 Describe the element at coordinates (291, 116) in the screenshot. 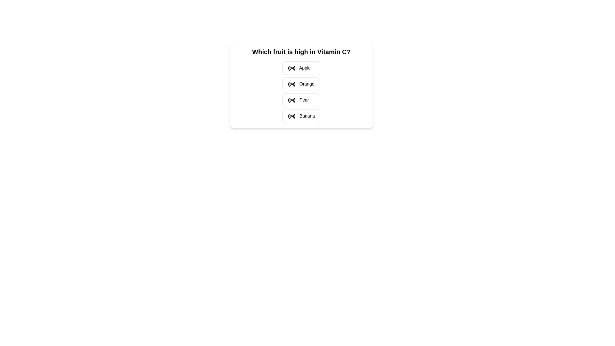

I see `the radio button for 'Banana'` at that location.